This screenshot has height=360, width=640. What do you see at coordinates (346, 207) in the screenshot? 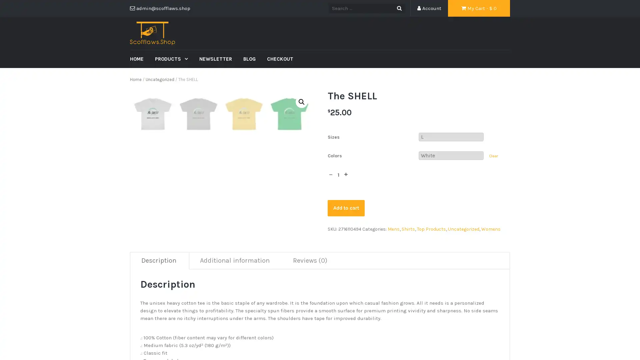
I see `Add to cart` at bounding box center [346, 207].